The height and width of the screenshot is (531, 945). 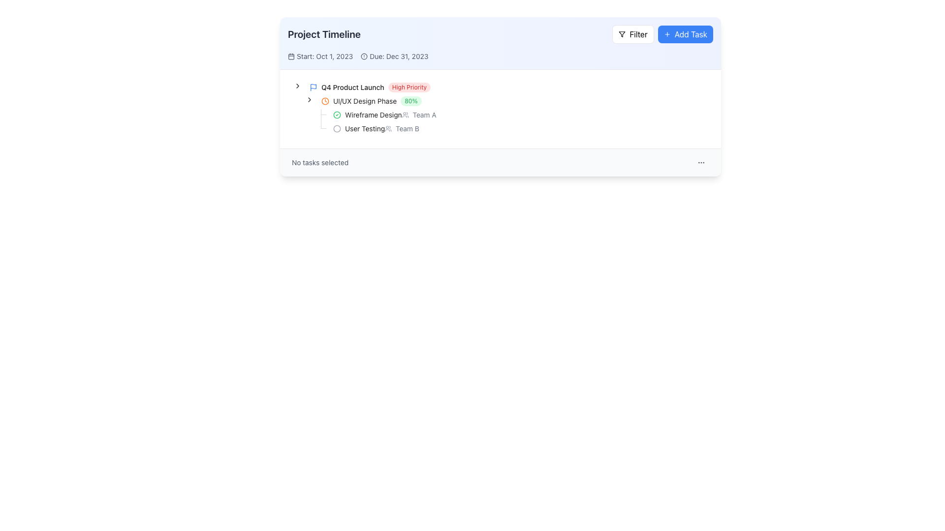 I want to click on the text label that indicates a specific due date, located beside the 'Start: Oct 1, 2023' element in the top section of the page, so click(x=394, y=57).